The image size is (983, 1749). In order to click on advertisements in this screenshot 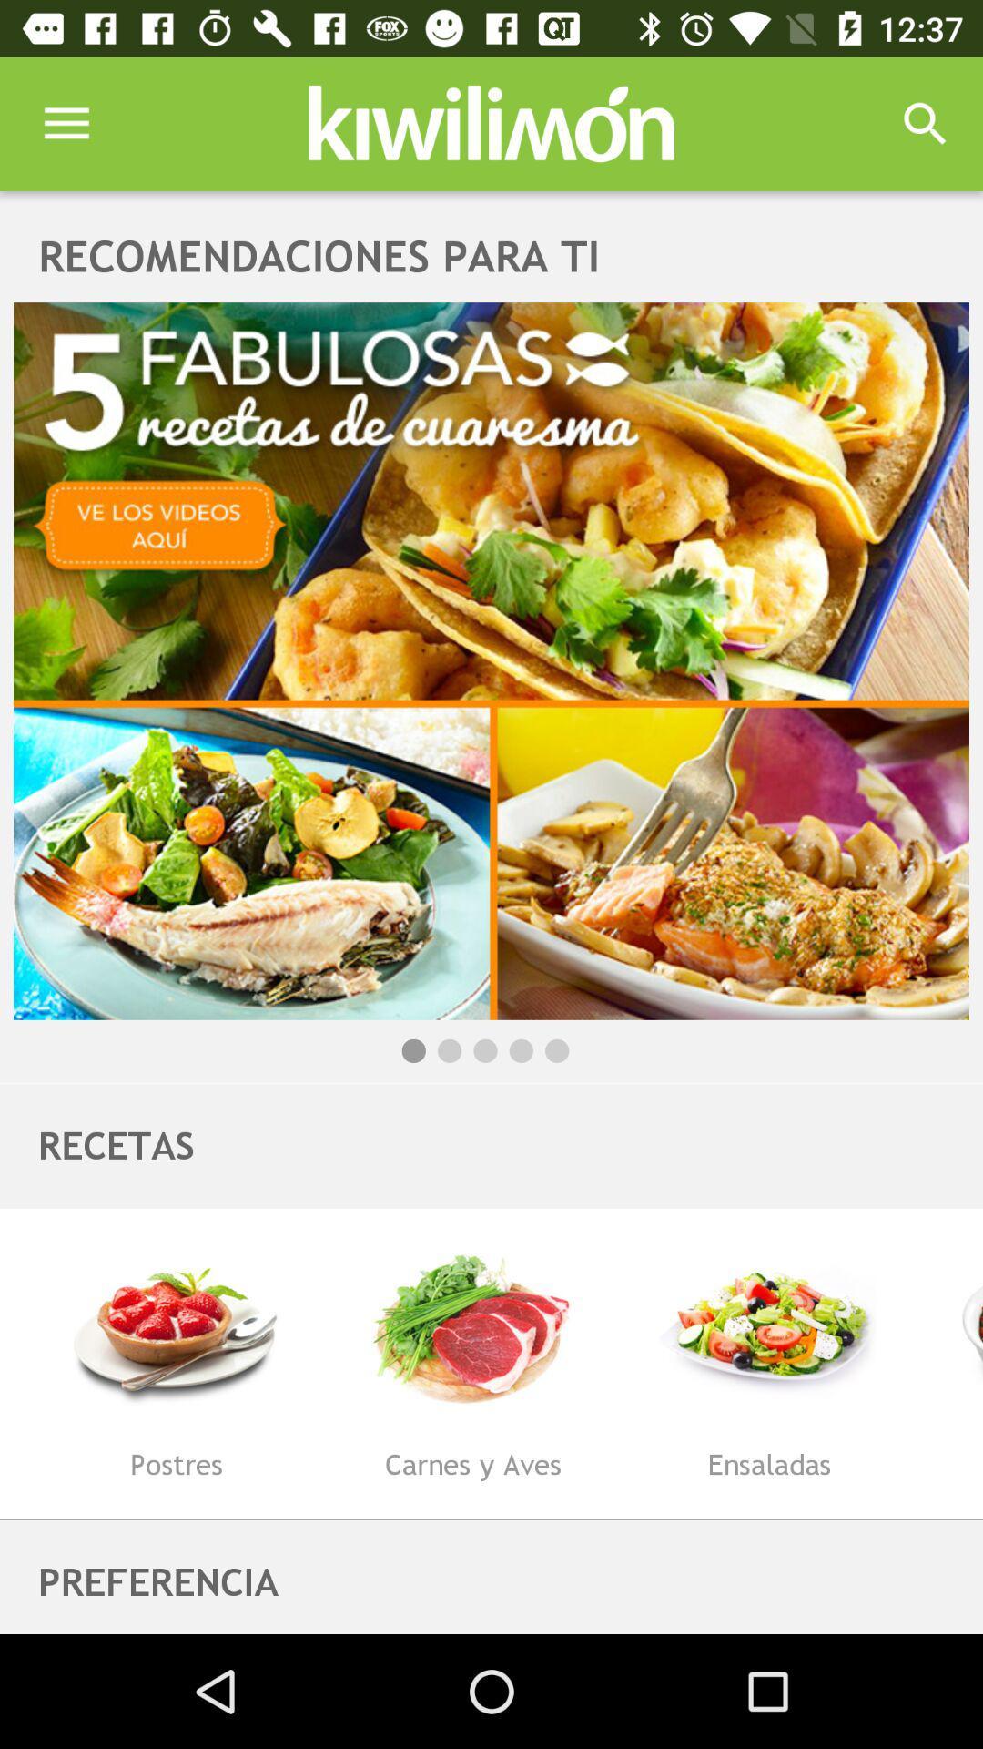, I will do `click(491, 660)`.